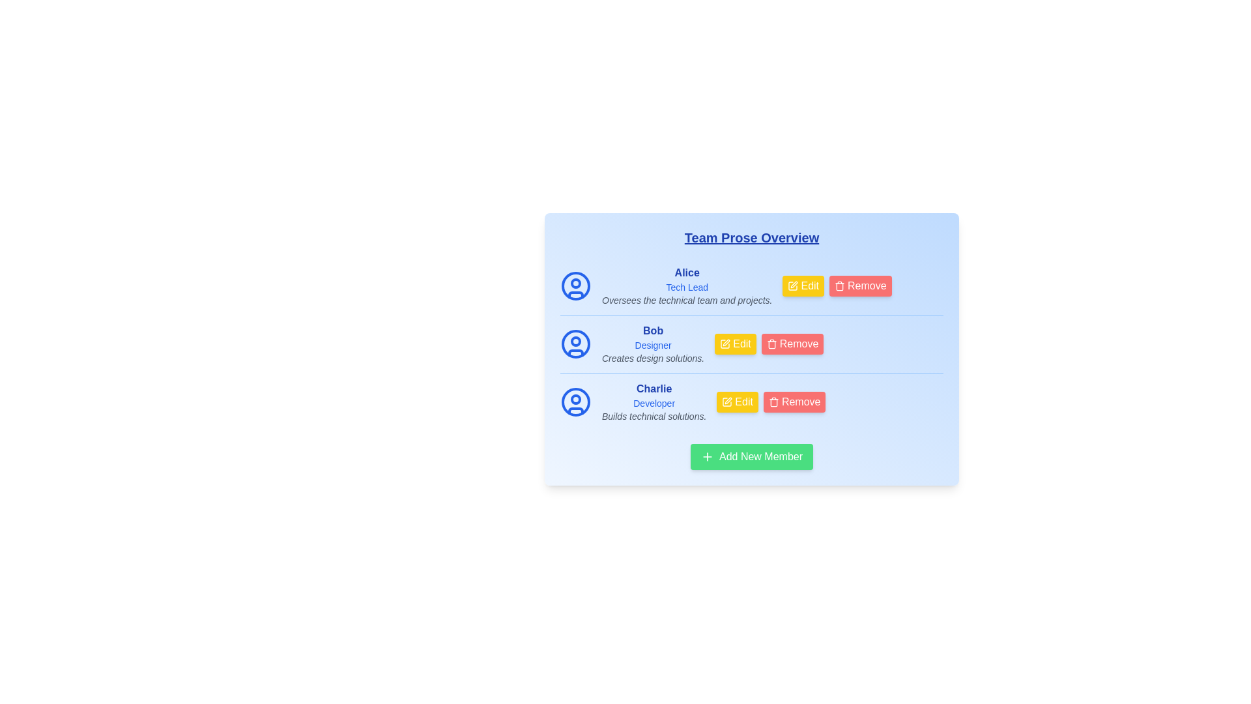 Image resolution: width=1251 pixels, height=704 pixels. Describe the element at coordinates (654, 389) in the screenshot. I see `the text label displaying the name 'Charlie', which identifies the profile entry within the application interface, located above the text 'Developer'` at that location.